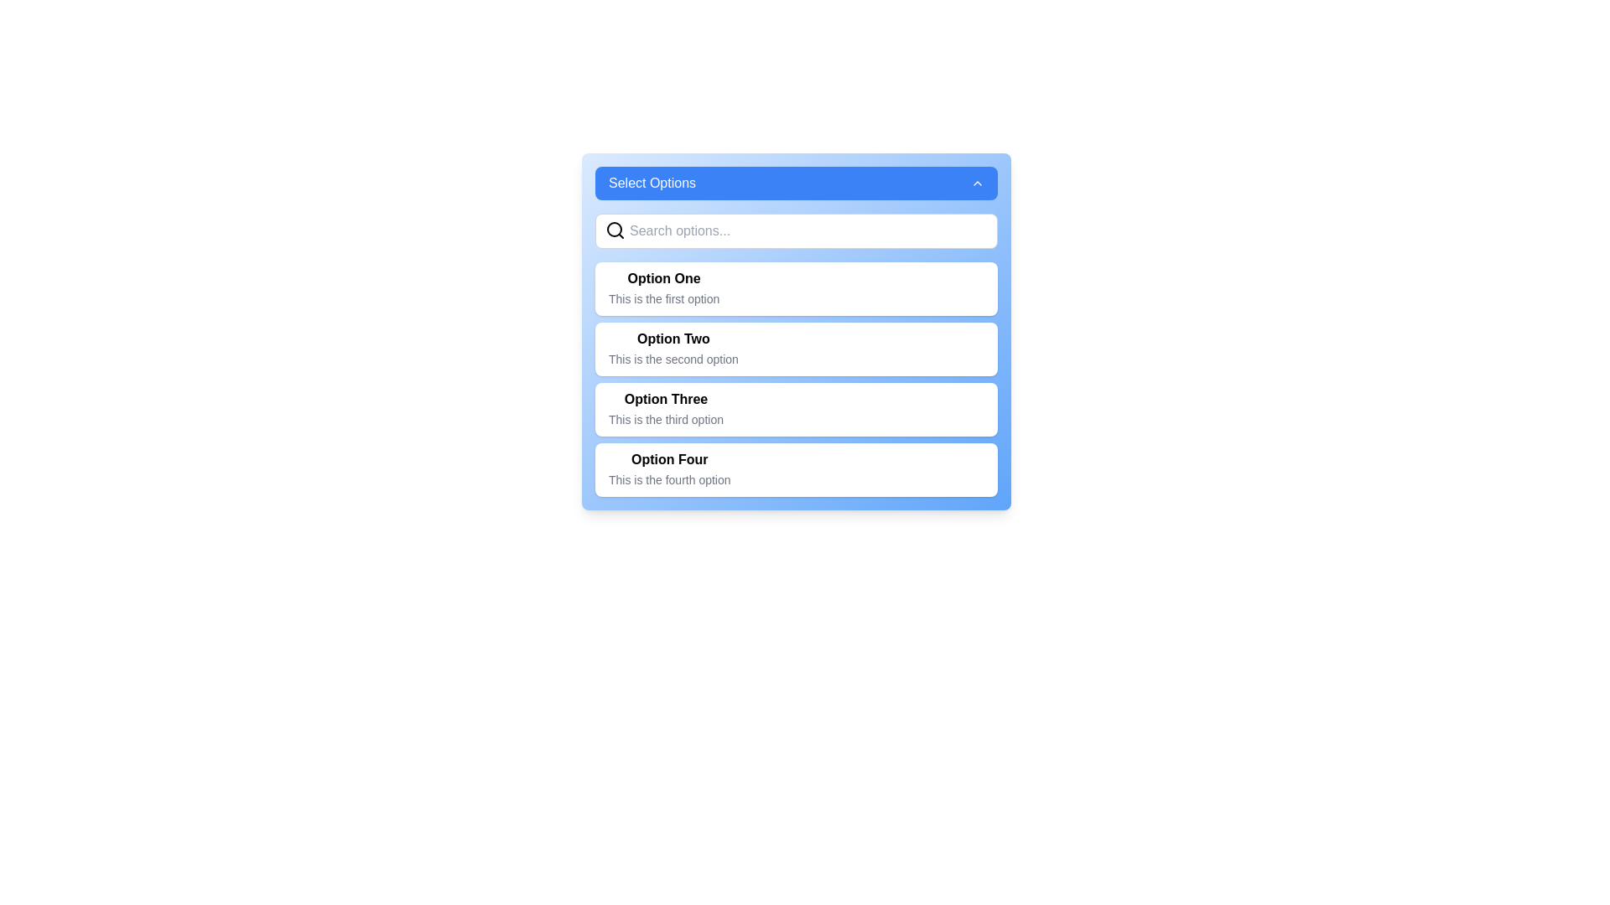  What do you see at coordinates (665, 410) in the screenshot?
I see `the List item displaying the title 'Option Three'` at bounding box center [665, 410].